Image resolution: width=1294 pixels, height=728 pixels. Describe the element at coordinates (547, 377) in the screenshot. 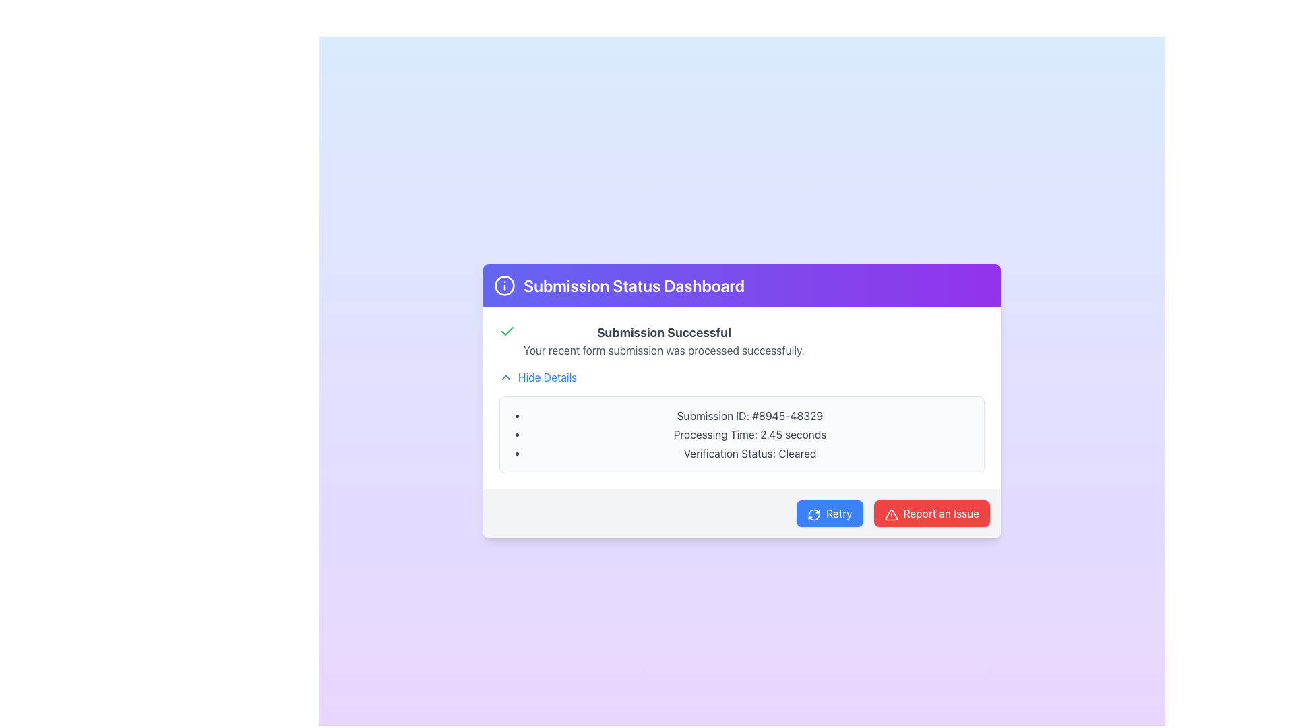

I see `the text label styled in blue color with the text 'Hide Details', which is centrally located within the clickable area and aligned to the right of a chevron-up icon` at that location.